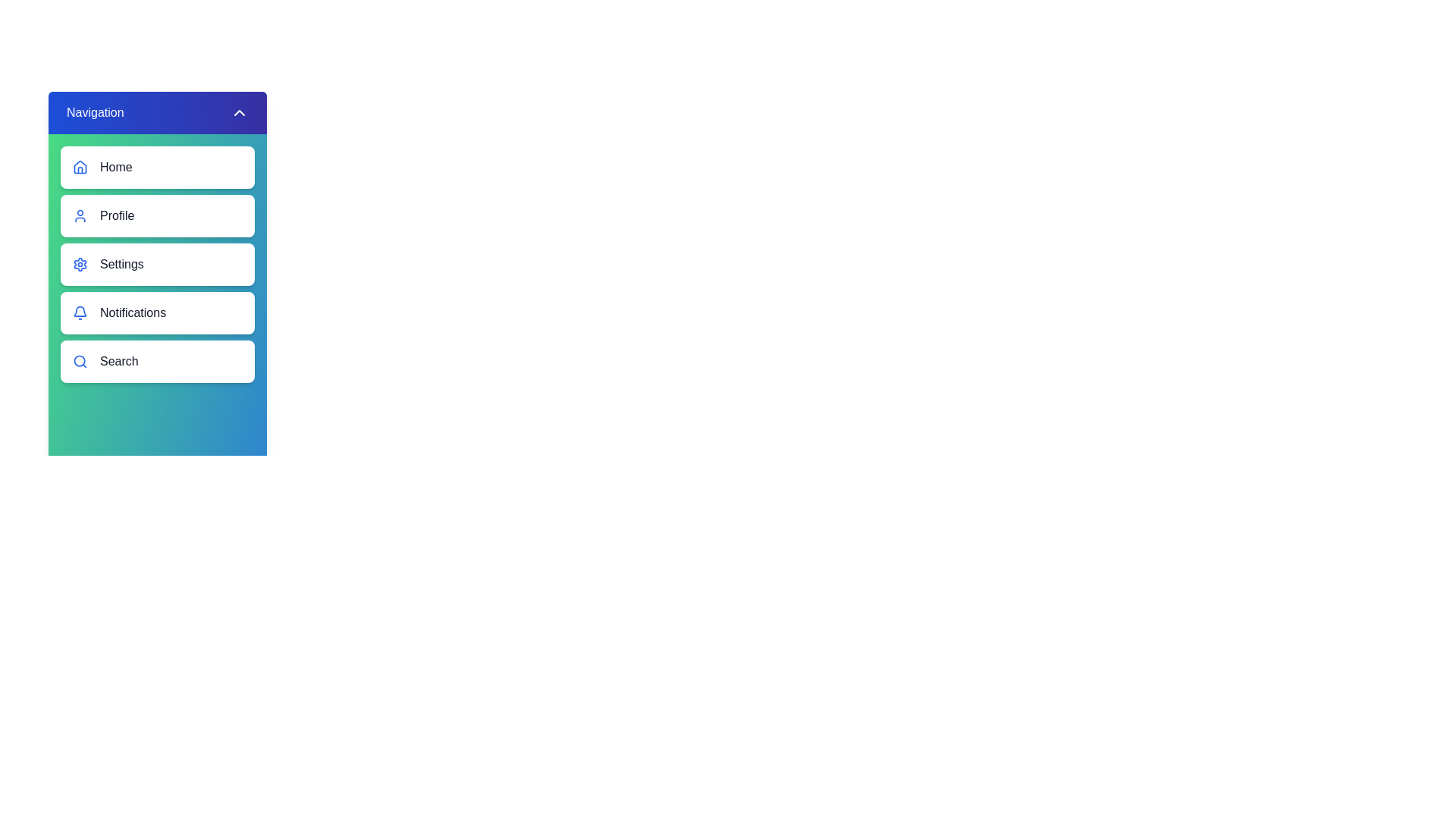 The height and width of the screenshot is (819, 1456). Describe the element at coordinates (79, 310) in the screenshot. I see `the bell icon representing notifications, which is the fourth button in the vertical navigation menu` at that location.